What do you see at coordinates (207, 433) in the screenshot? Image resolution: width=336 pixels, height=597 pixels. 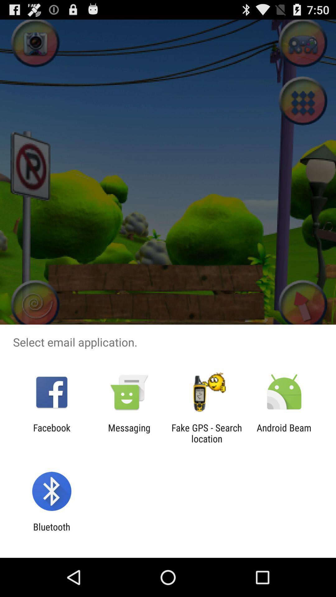 I see `app to the left of android beam item` at bounding box center [207, 433].